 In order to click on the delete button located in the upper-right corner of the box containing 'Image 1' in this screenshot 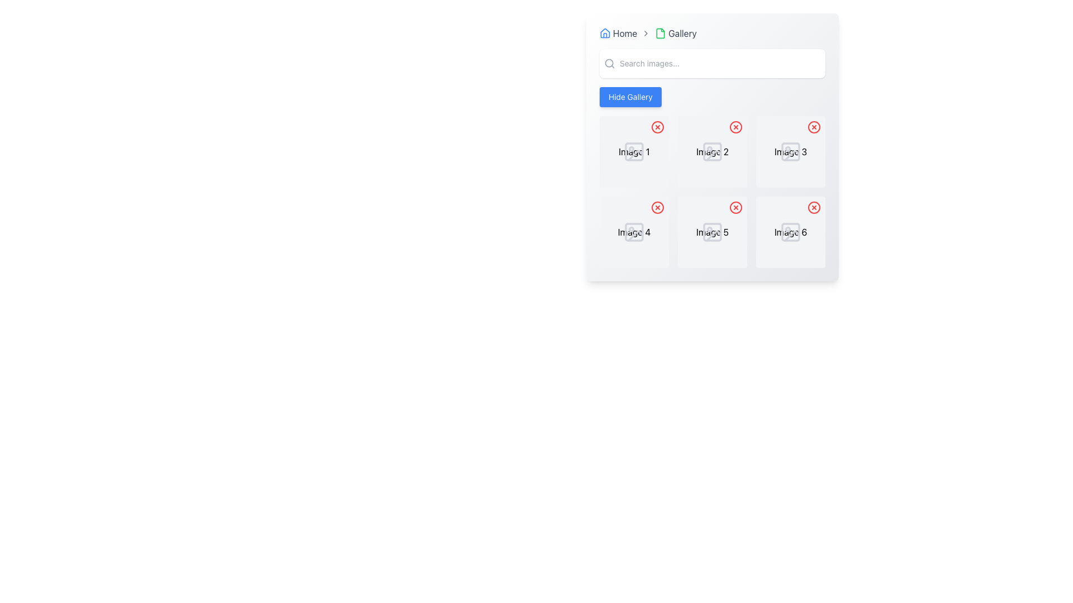, I will do `click(657, 126)`.